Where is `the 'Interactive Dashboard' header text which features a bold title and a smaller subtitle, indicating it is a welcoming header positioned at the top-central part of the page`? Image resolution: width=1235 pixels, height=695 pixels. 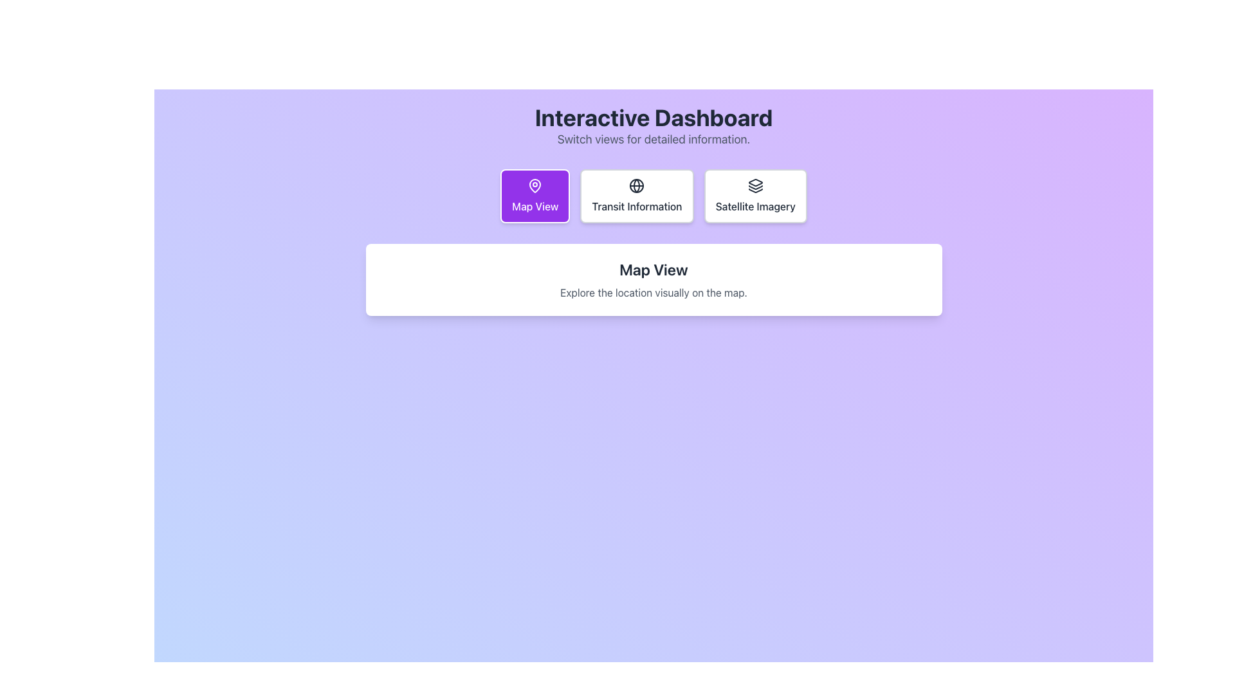
the 'Interactive Dashboard' header text which features a bold title and a smaller subtitle, indicating it is a welcoming header positioned at the top-central part of the page is located at coordinates (654, 126).